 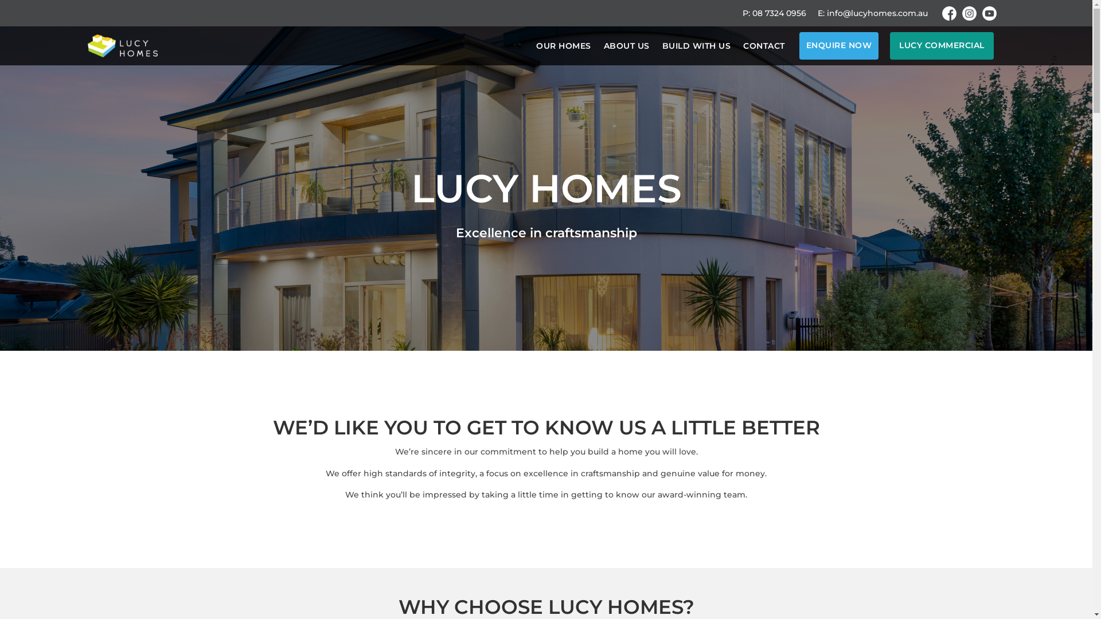 What do you see at coordinates (798, 45) in the screenshot?
I see `'ENQUIRE NOW'` at bounding box center [798, 45].